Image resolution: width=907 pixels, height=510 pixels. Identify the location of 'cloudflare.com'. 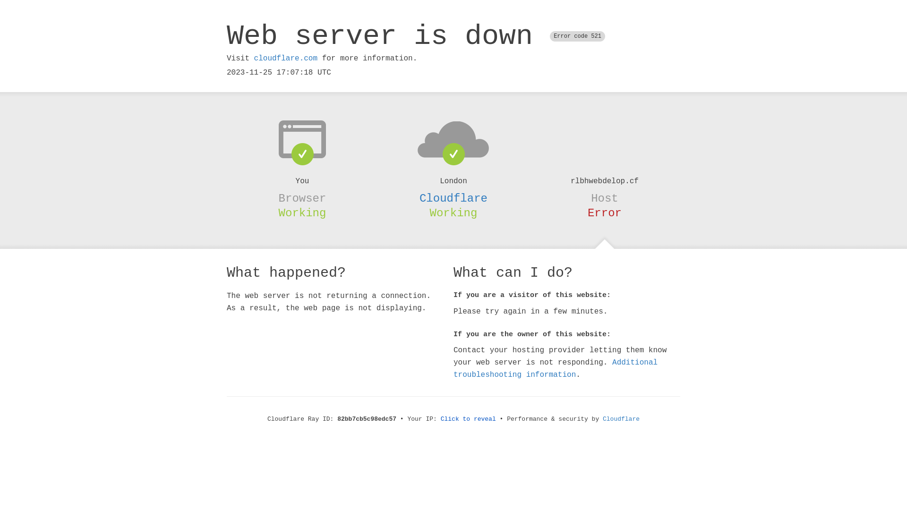
(285, 58).